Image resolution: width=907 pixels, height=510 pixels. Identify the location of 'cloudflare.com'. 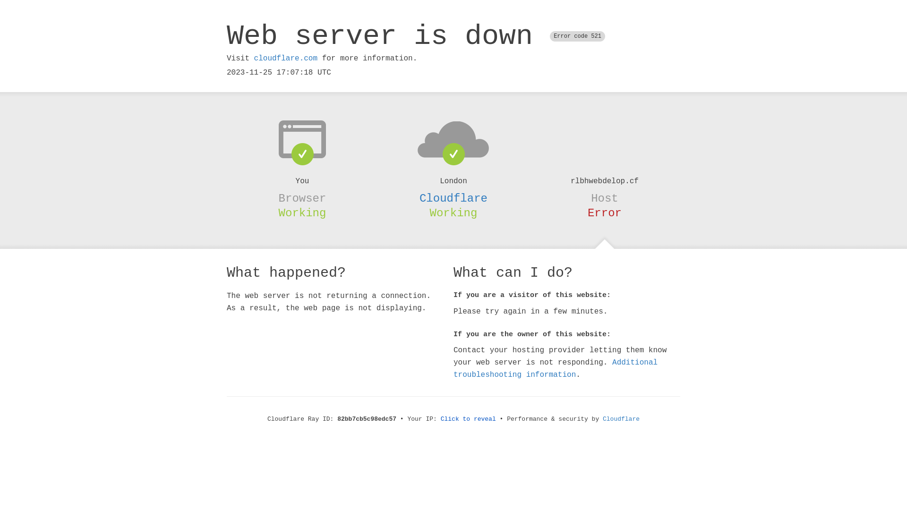
(285, 58).